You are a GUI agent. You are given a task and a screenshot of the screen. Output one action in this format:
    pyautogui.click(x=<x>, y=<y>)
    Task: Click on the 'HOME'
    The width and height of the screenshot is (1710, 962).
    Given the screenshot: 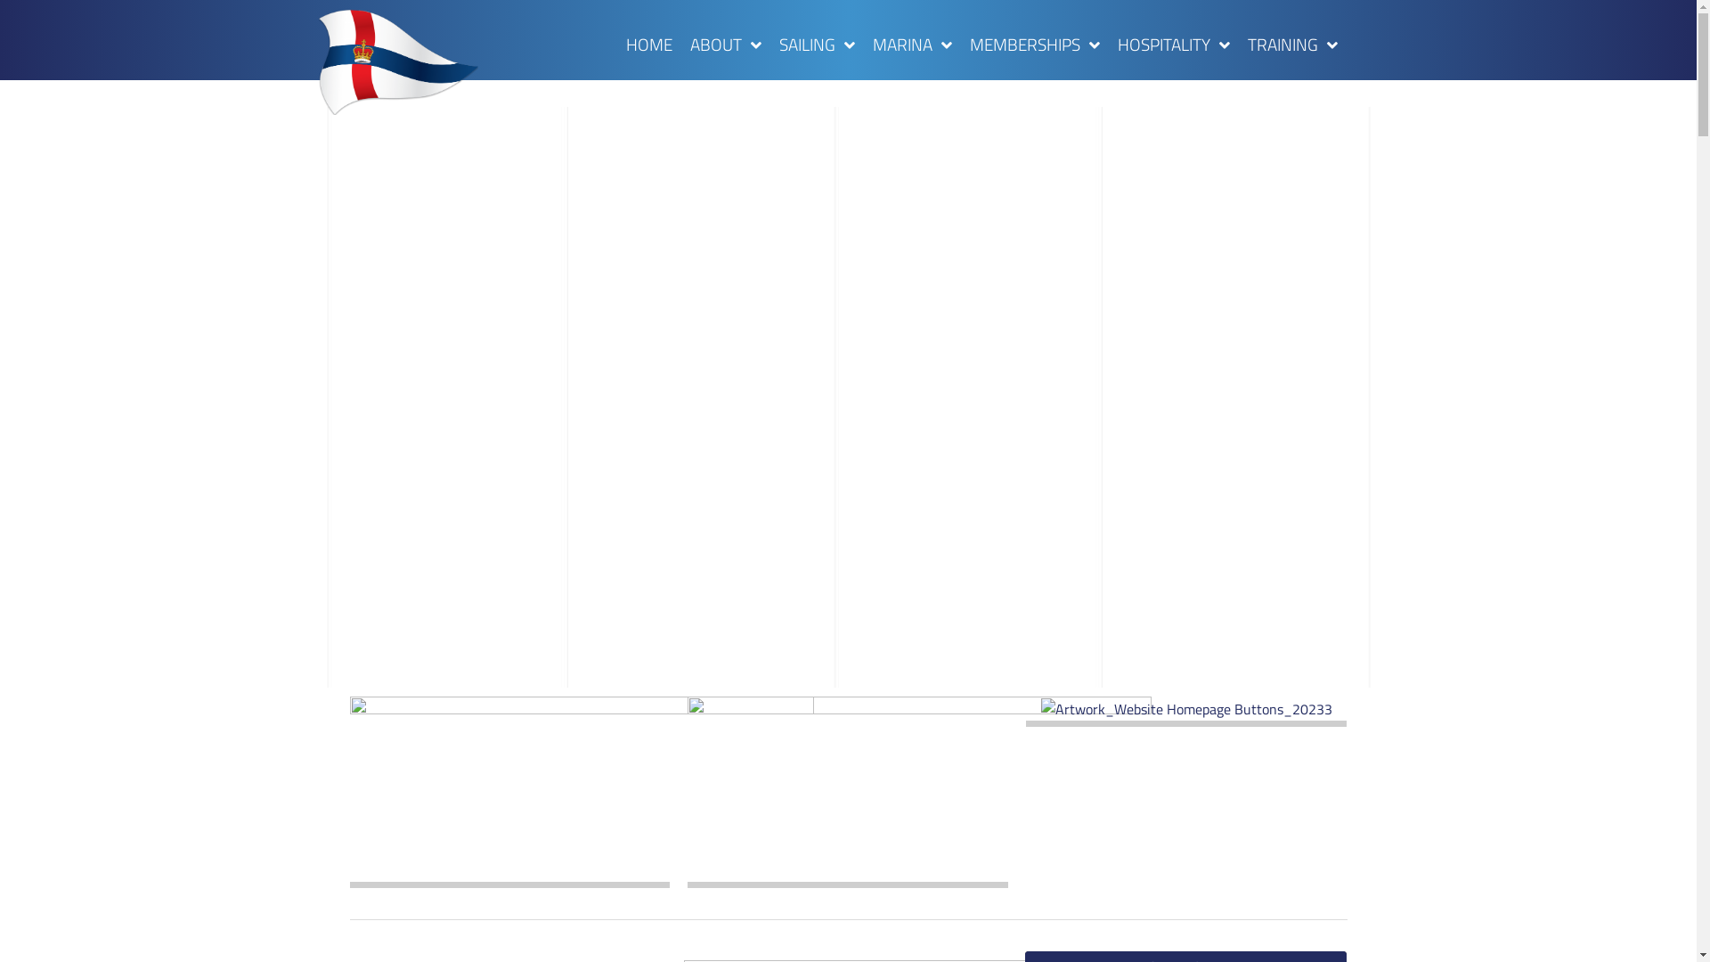 What is the action you would take?
    pyautogui.click(x=648, y=44)
    